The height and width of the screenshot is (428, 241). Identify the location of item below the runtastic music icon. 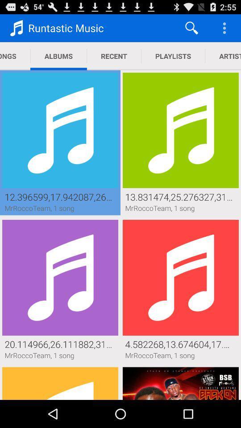
(114, 56).